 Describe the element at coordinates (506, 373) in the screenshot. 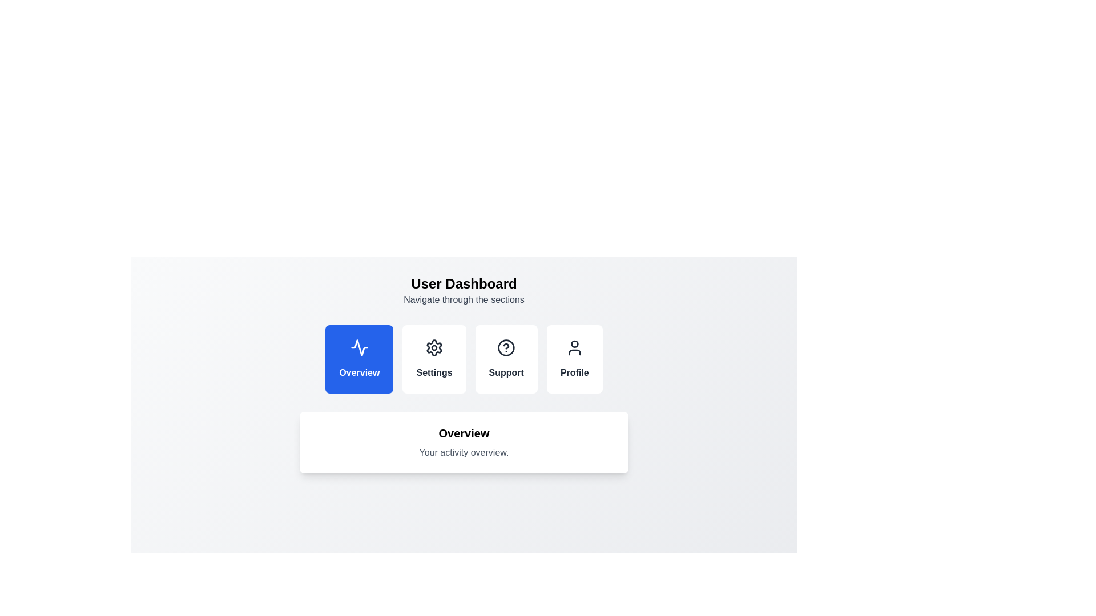

I see `text label displaying 'Support' located beneath a circular question mark icon in the third card` at that location.